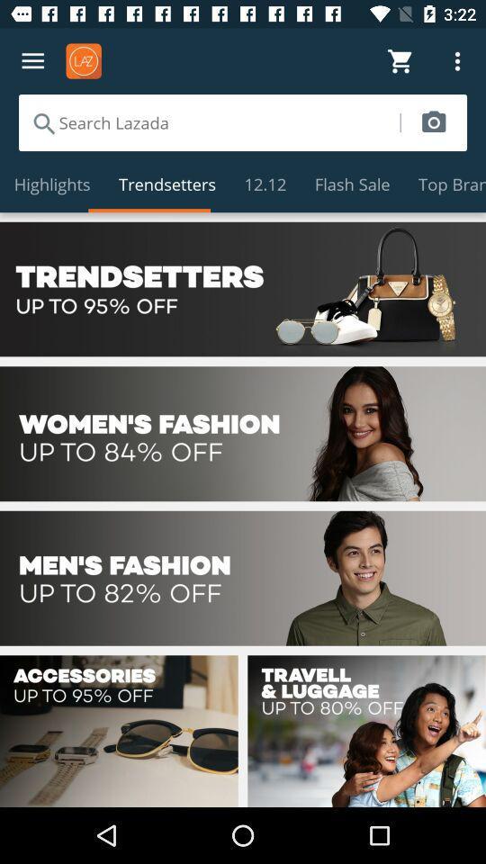  What do you see at coordinates (32, 61) in the screenshot?
I see `open the menu` at bounding box center [32, 61].